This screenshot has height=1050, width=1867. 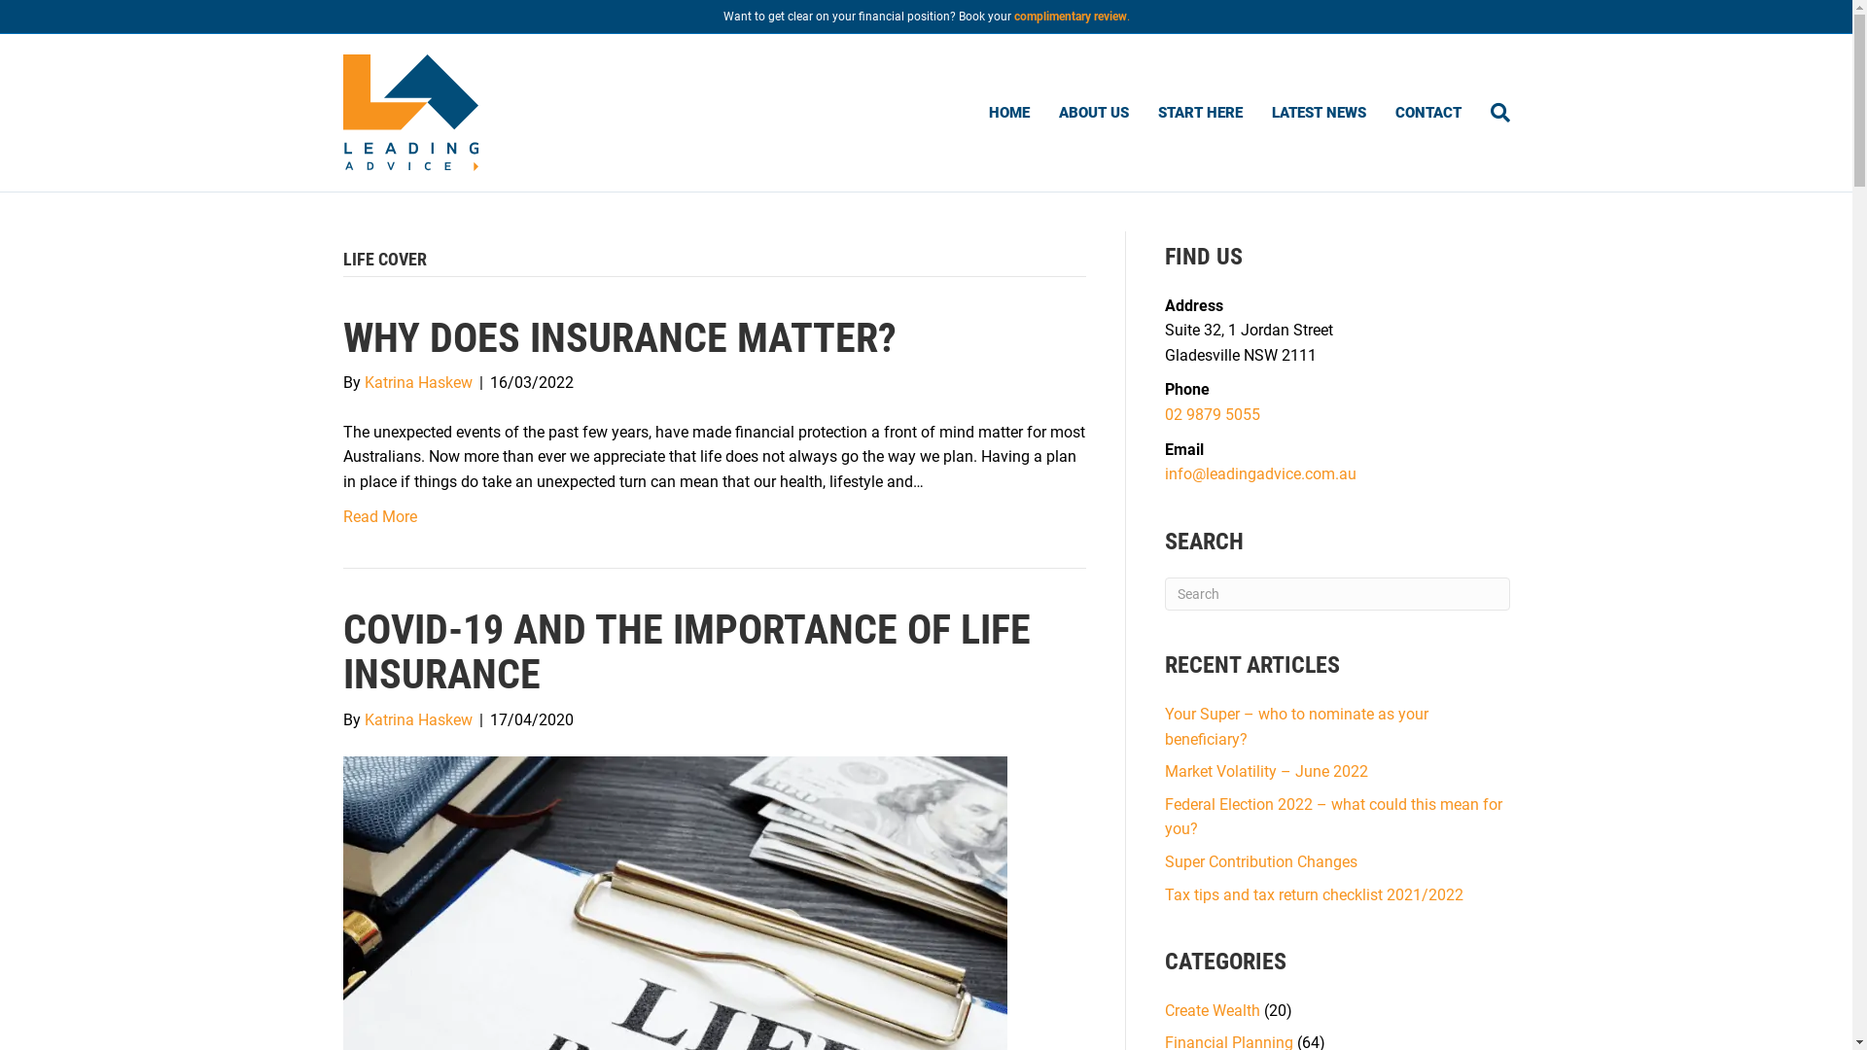 What do you see at coordinates (1068, 16) in the screenshot?
I see `'complimentary review'` at bounding box center [1068, 16].